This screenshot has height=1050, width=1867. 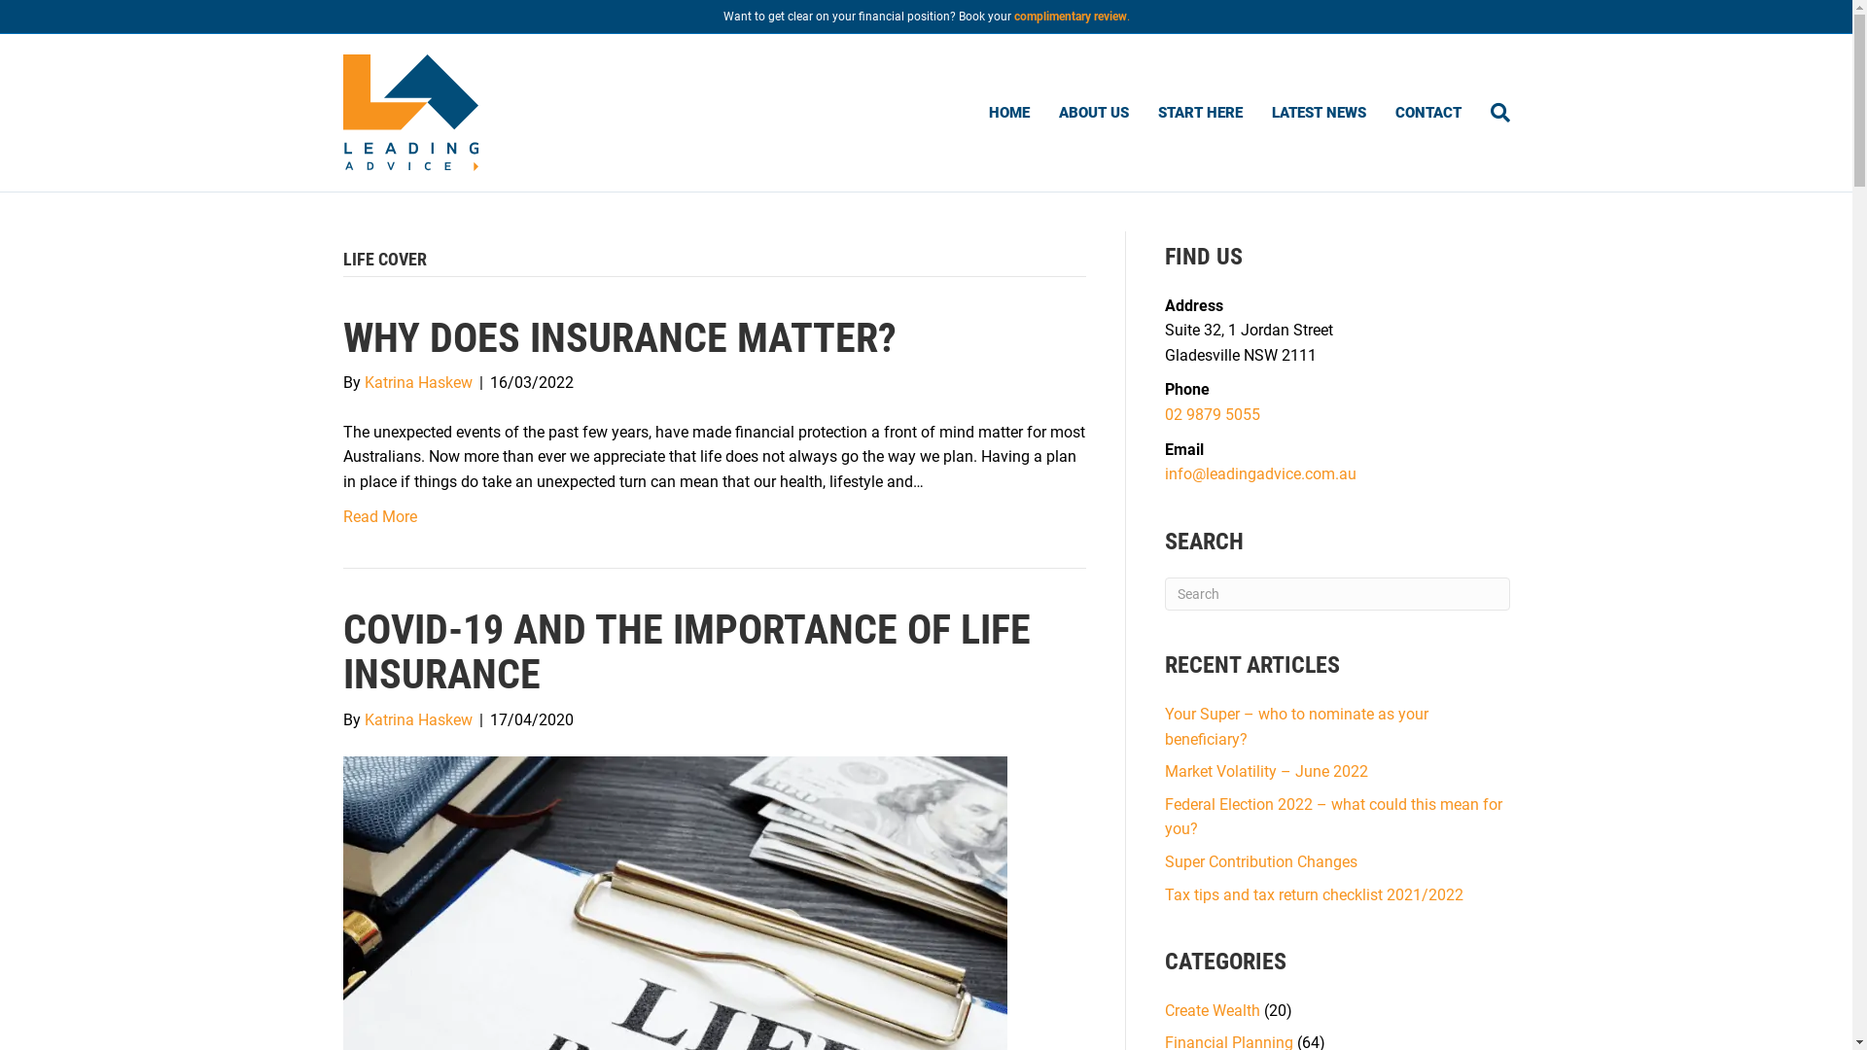 What do you see at coordinates (1068, 16) in the screenshot?
I see `'complimentary review'` at bounding box center [1068, 16].